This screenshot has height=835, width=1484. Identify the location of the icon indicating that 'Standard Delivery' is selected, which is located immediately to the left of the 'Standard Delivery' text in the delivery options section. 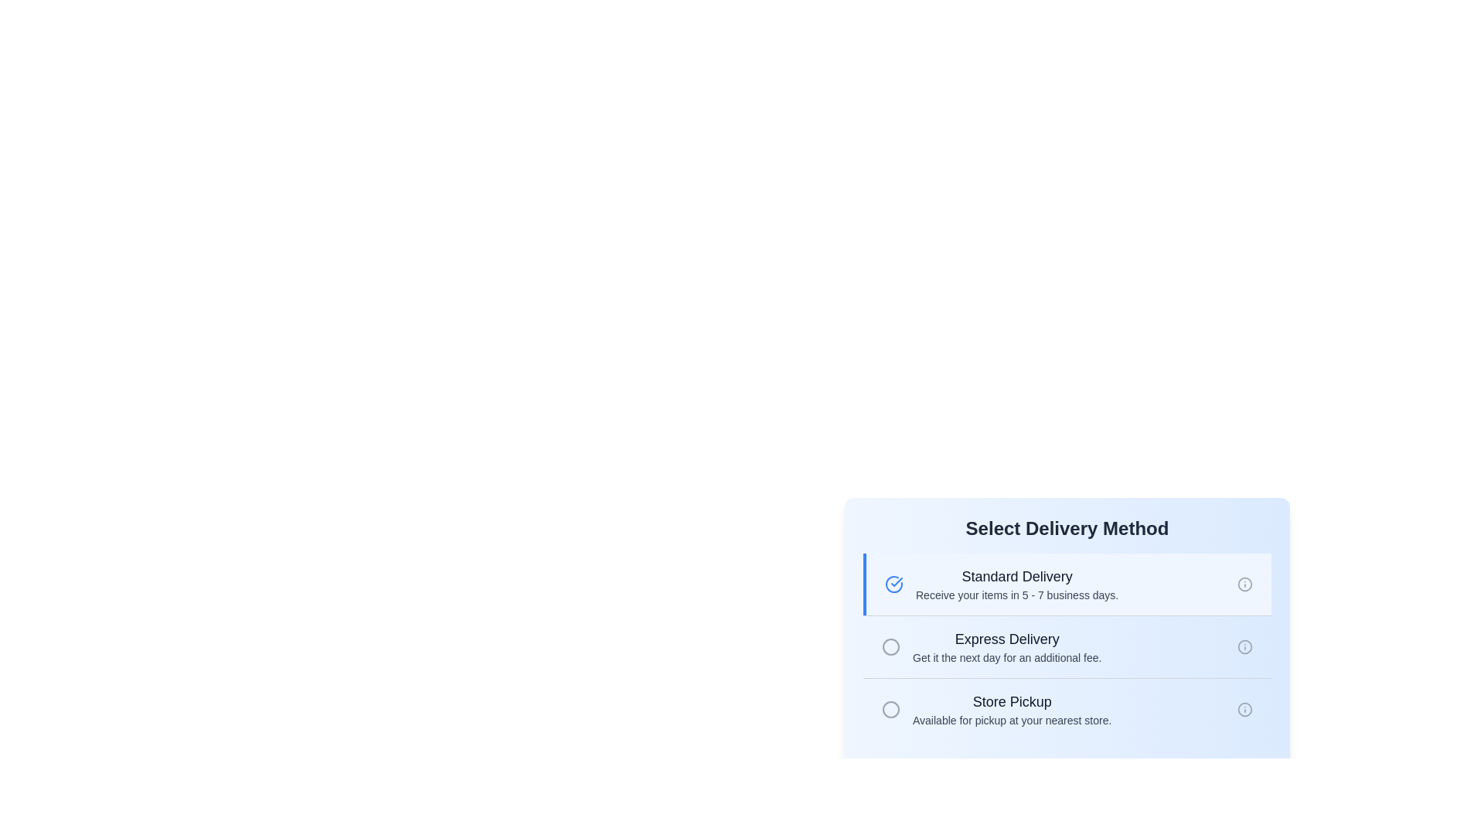
(893, 584).